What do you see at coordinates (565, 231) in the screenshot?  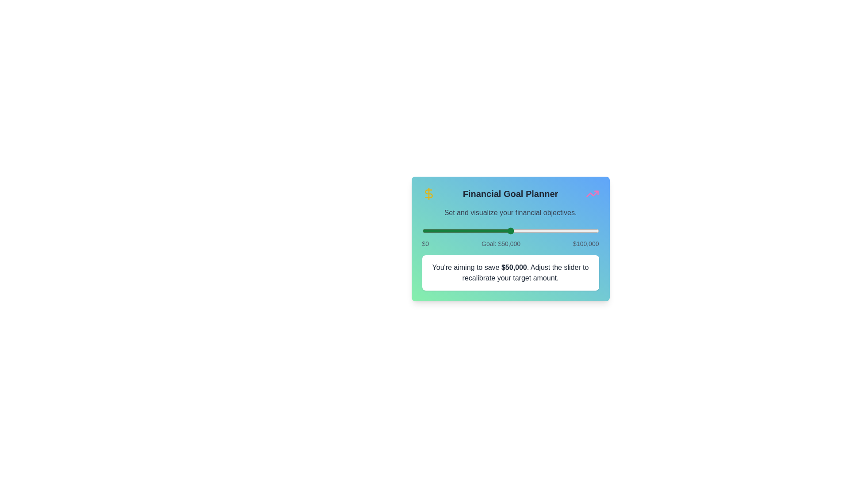 I see `the slider to set the financial goal to 80942 dollars` at bounding box center [565, 231].